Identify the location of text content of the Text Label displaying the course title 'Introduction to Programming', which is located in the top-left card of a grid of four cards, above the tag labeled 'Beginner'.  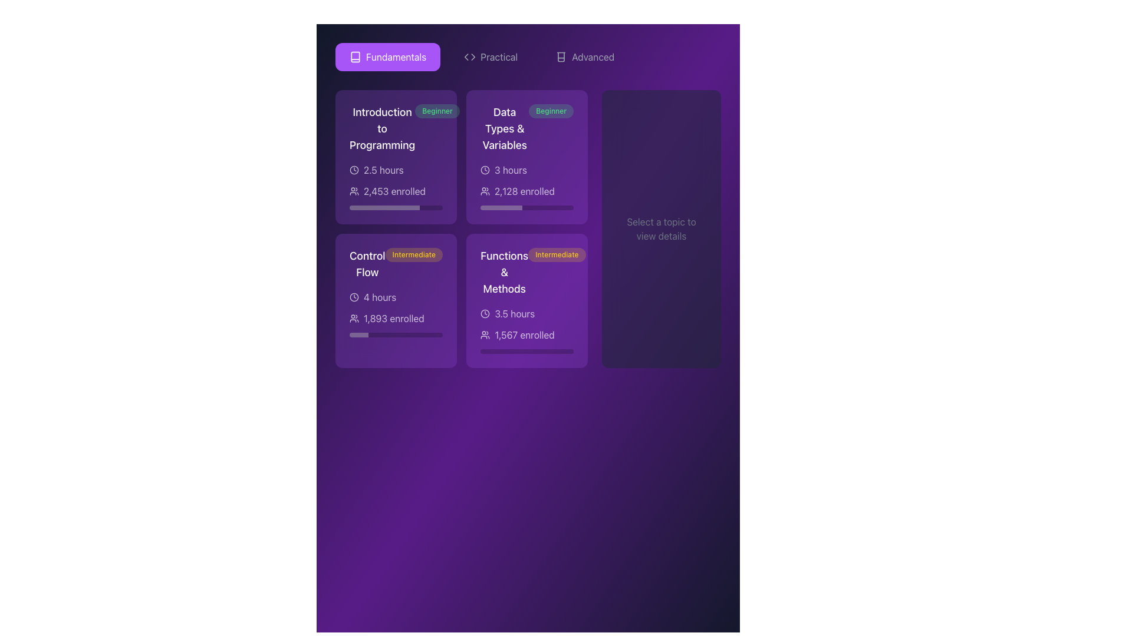
(382, 129).